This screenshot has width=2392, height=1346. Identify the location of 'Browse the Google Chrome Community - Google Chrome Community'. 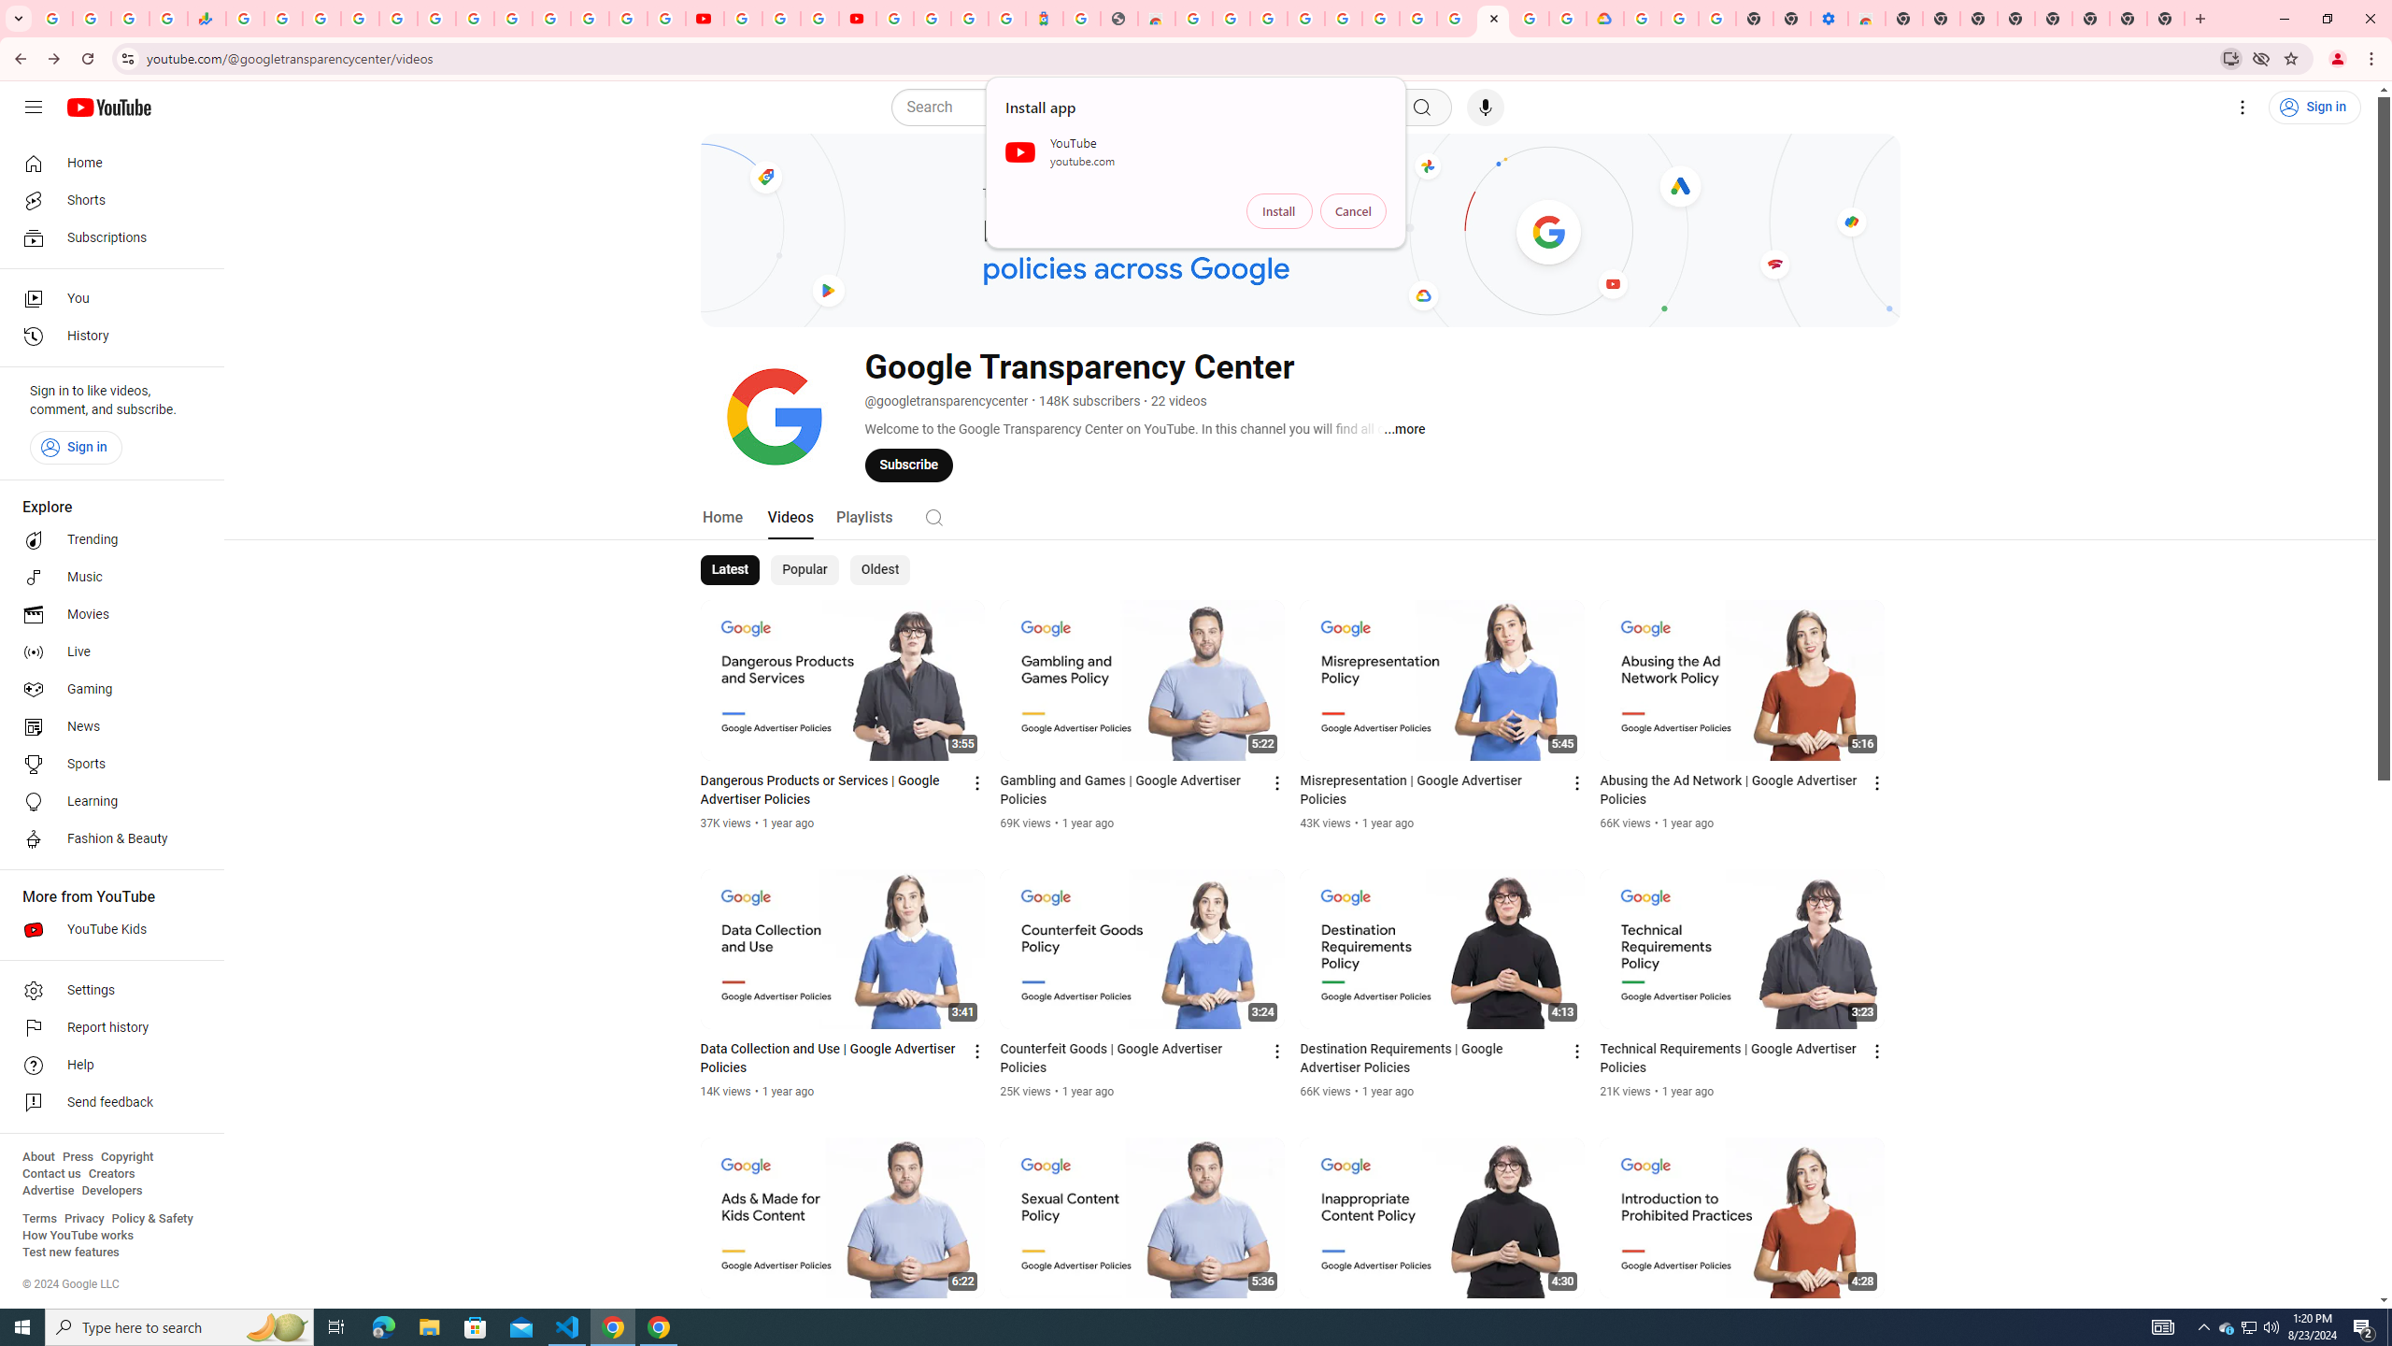
(1568, 18).